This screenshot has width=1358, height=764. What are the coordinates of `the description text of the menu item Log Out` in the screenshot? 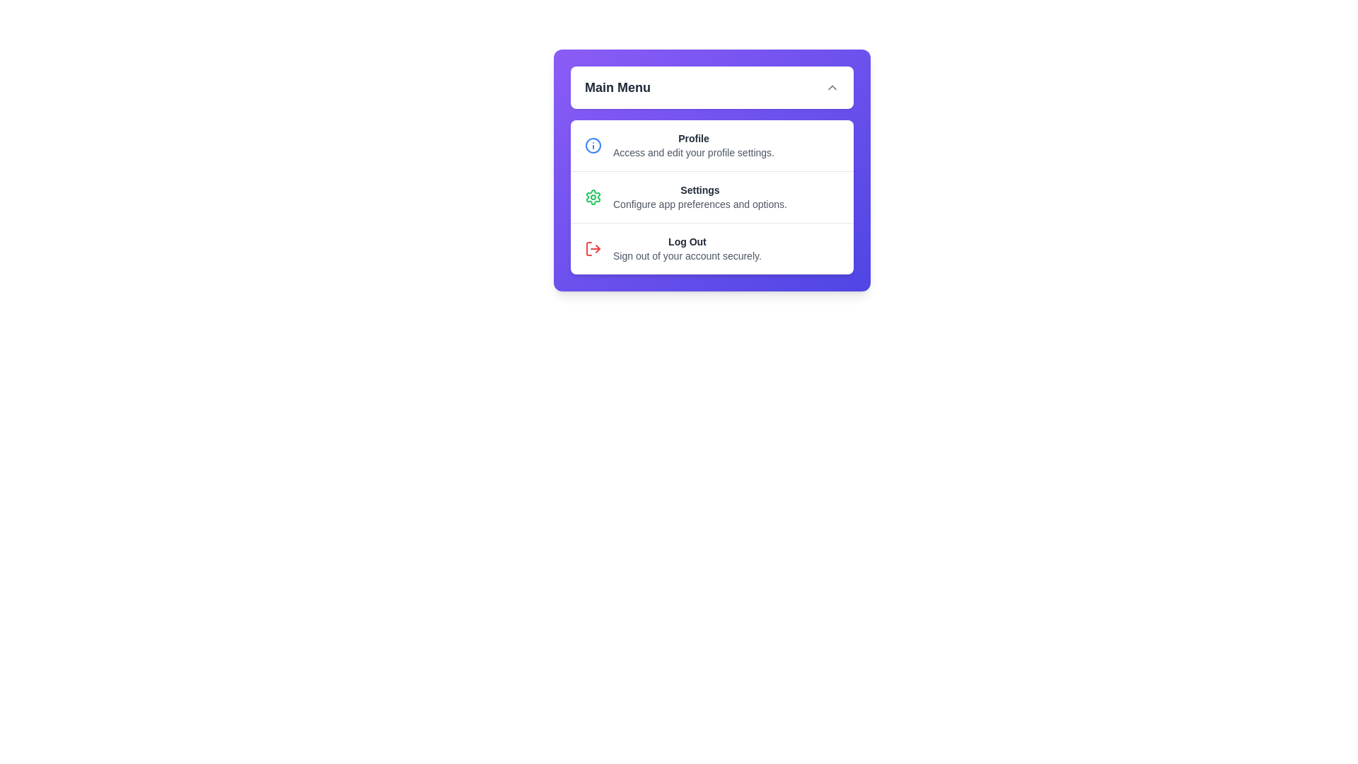 It's located at (687, 256).